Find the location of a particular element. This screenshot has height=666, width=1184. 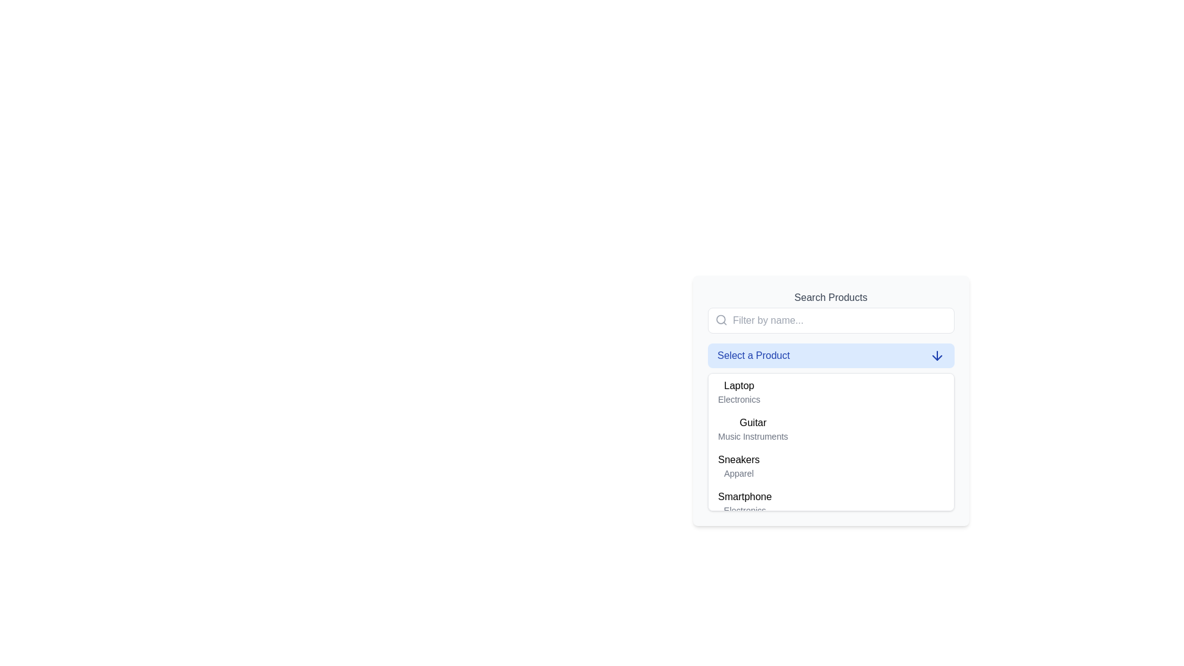

the second entry in the dropdown menu for 'Music Instruments' labeled 'Guitar' is located at coordinates (752, 428).